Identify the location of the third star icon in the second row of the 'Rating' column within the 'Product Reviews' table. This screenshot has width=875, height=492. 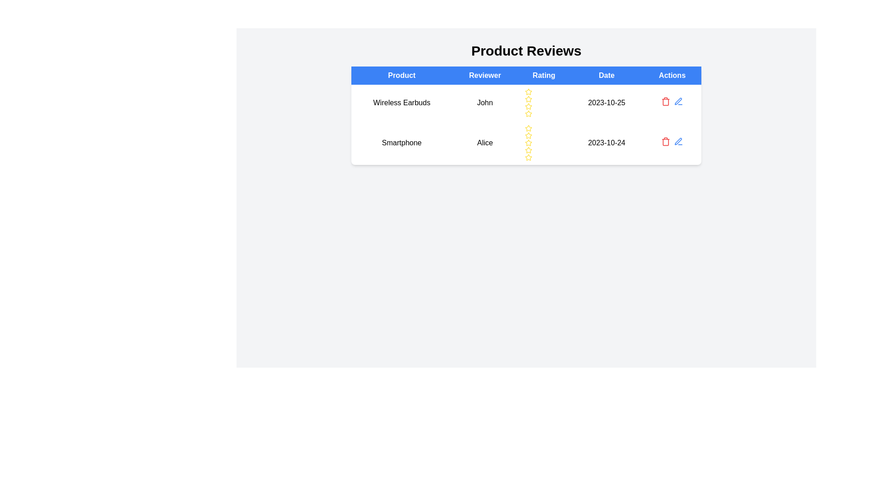
(529, 135).